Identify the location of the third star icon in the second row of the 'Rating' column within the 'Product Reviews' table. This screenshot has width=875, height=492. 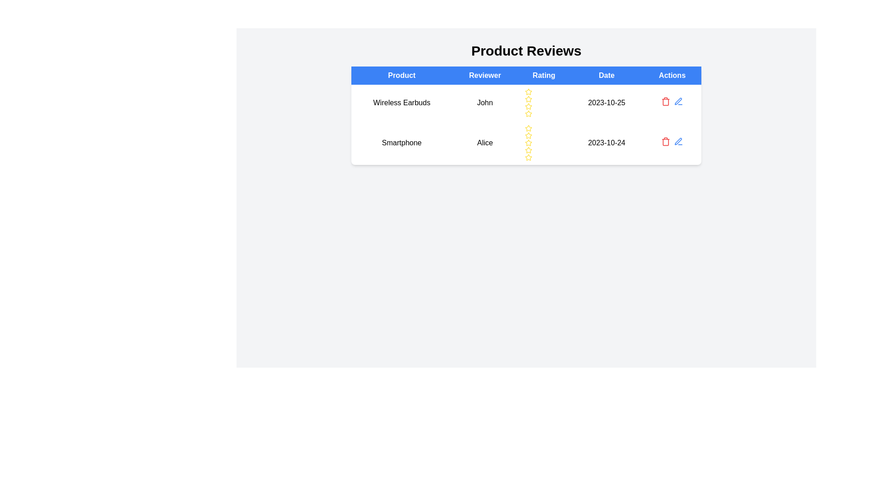
(529, 135).